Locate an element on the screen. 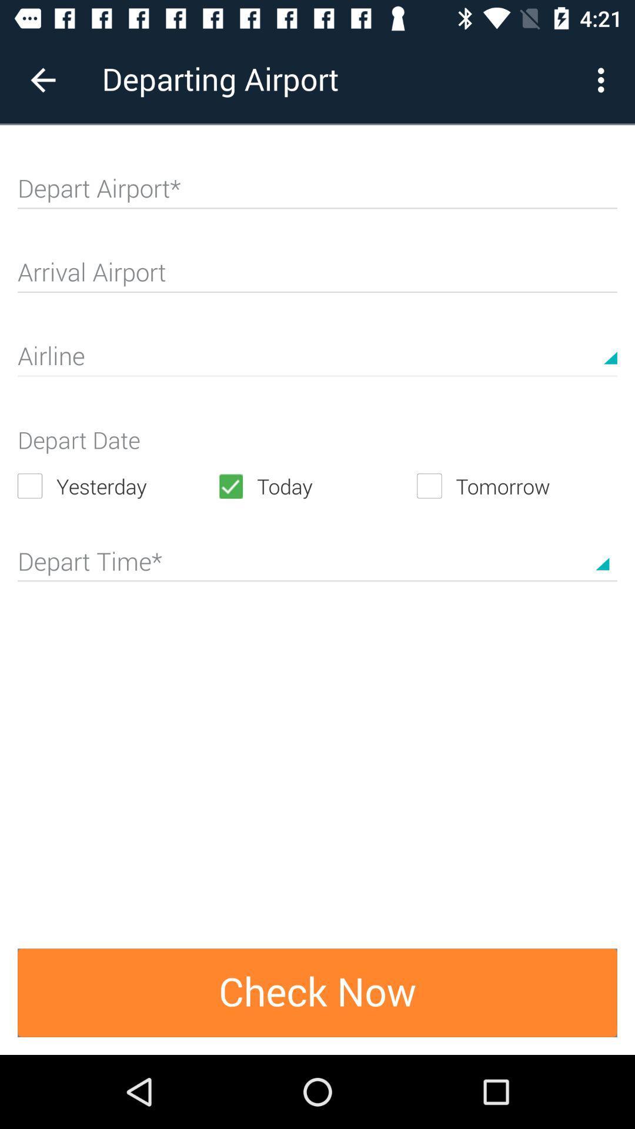 Image resolution: width=635 pixels, height=1129 pixels. the blue icon which is in the airline is located at coordinates (610, 346).